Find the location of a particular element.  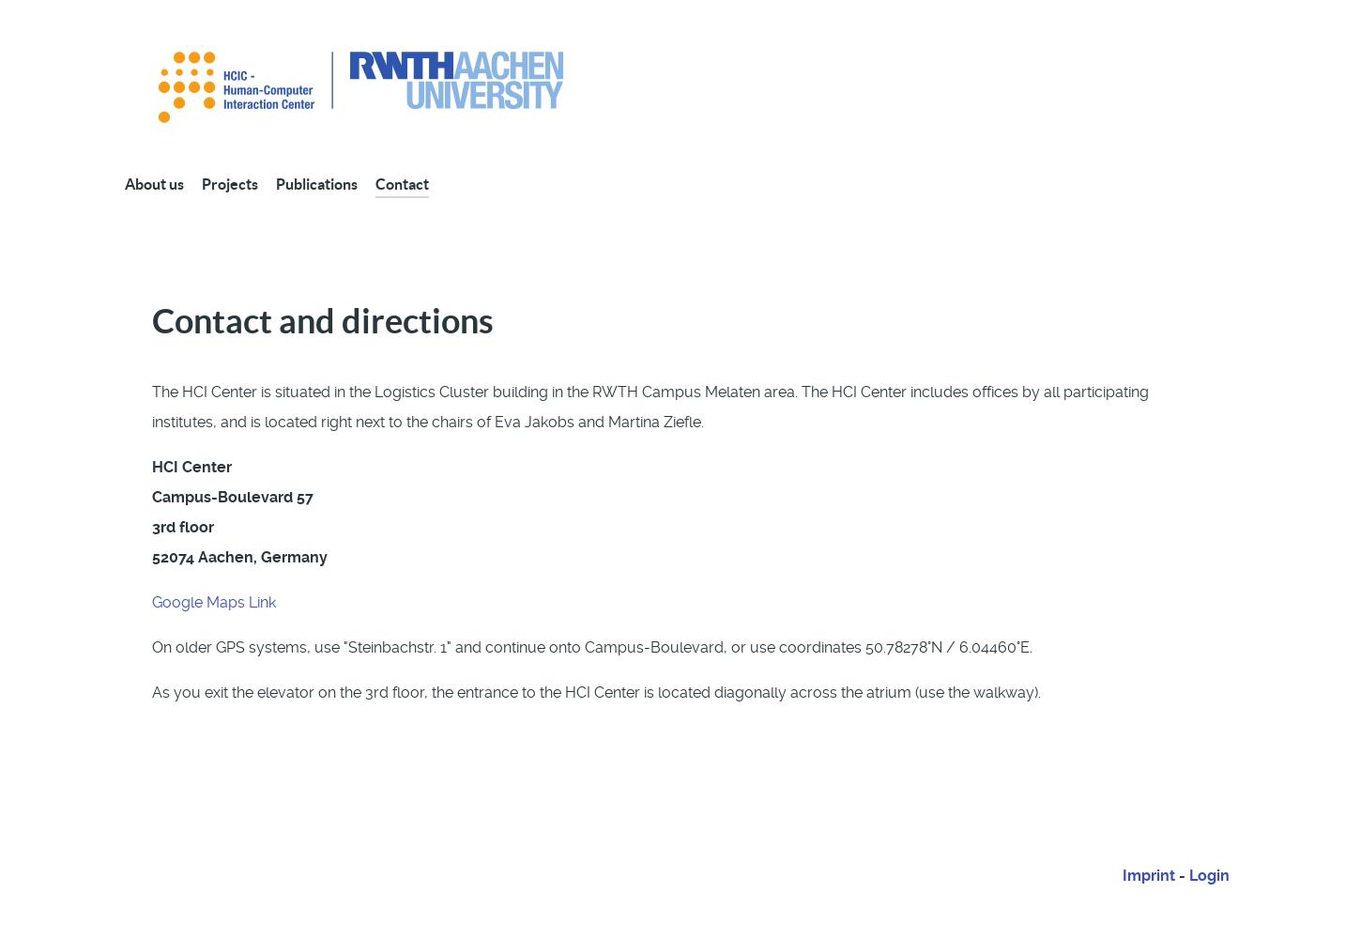

'About us' is located at coordinates (153, 182).